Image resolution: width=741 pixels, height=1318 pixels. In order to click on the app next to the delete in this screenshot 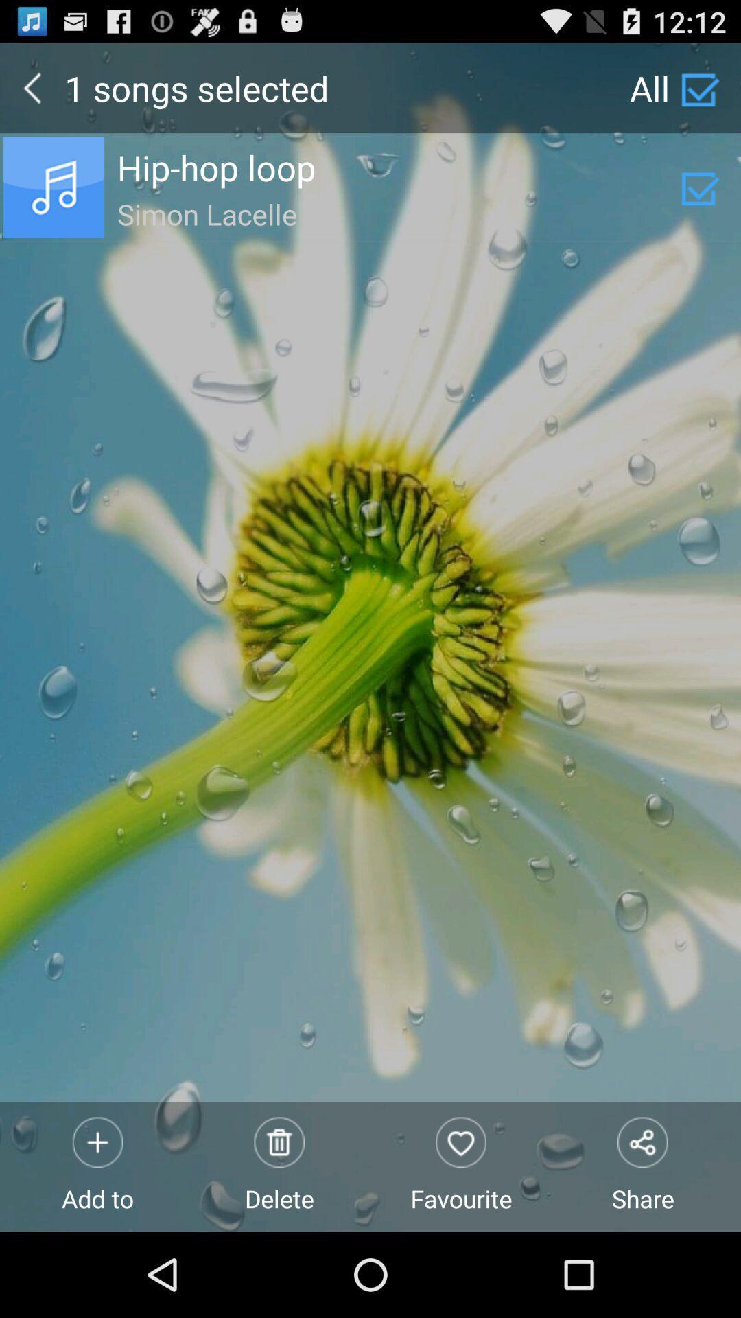, I will do `click(97, 1166)`.